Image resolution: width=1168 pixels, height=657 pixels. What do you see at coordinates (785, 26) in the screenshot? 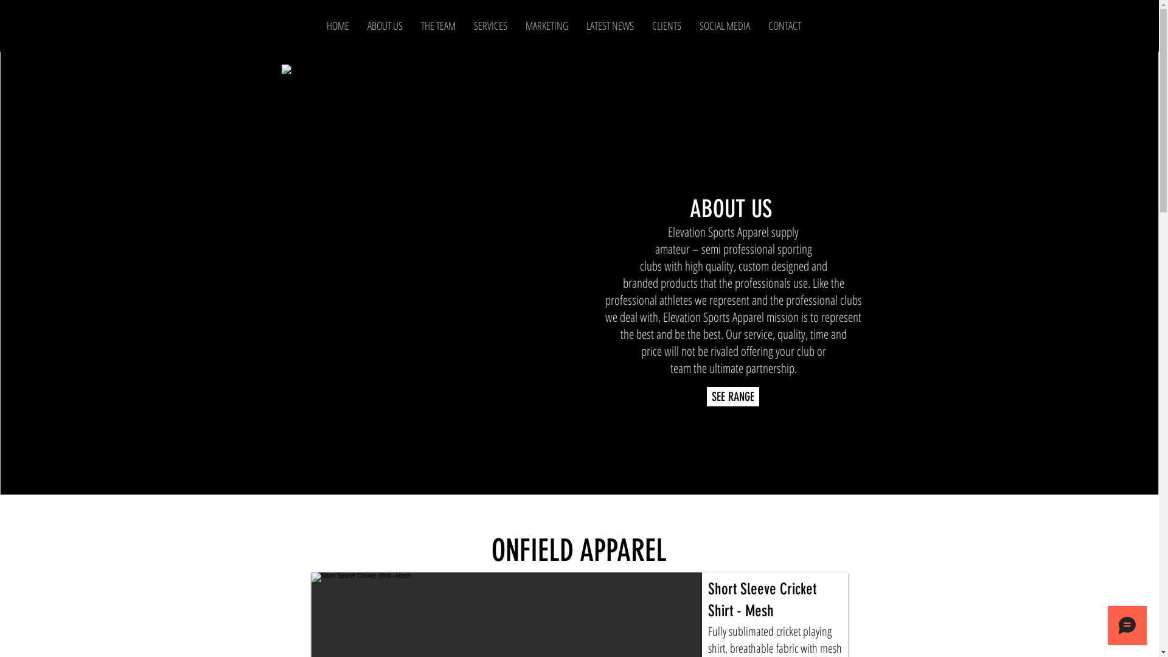
I see `'CONTACT'` at bounding box center [785, 26].